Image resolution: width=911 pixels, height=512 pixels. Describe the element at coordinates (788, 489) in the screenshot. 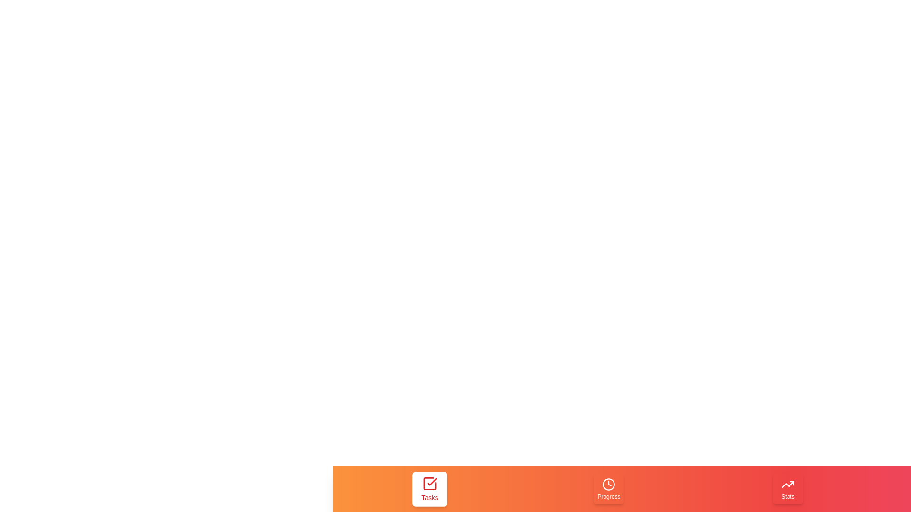

I see `the tab labeled Stats by clicking on it` at that location.